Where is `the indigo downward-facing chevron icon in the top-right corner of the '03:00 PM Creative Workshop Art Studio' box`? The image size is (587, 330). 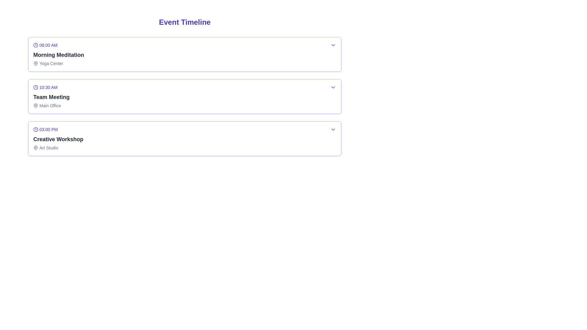
the indigo downward-facing chevron icon in the top-right corner of the '03:00 PM Creative Workshop Art Studio' box is located at coordinates (333, 129).